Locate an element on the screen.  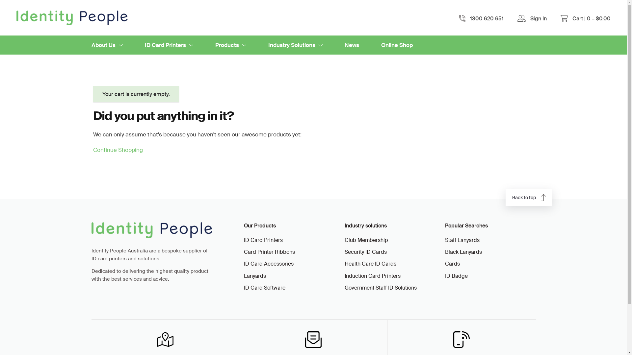
'Cards' is located at coordinates (445, 263).